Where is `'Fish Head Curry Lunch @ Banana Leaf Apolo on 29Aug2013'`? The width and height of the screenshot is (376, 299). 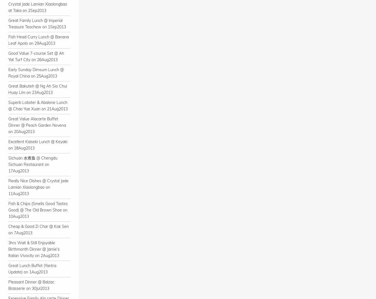
'Fish Head Curry Lunch @ Banana Leaf Apolo on 29Aug2013' is located at coordinates (38, 40).